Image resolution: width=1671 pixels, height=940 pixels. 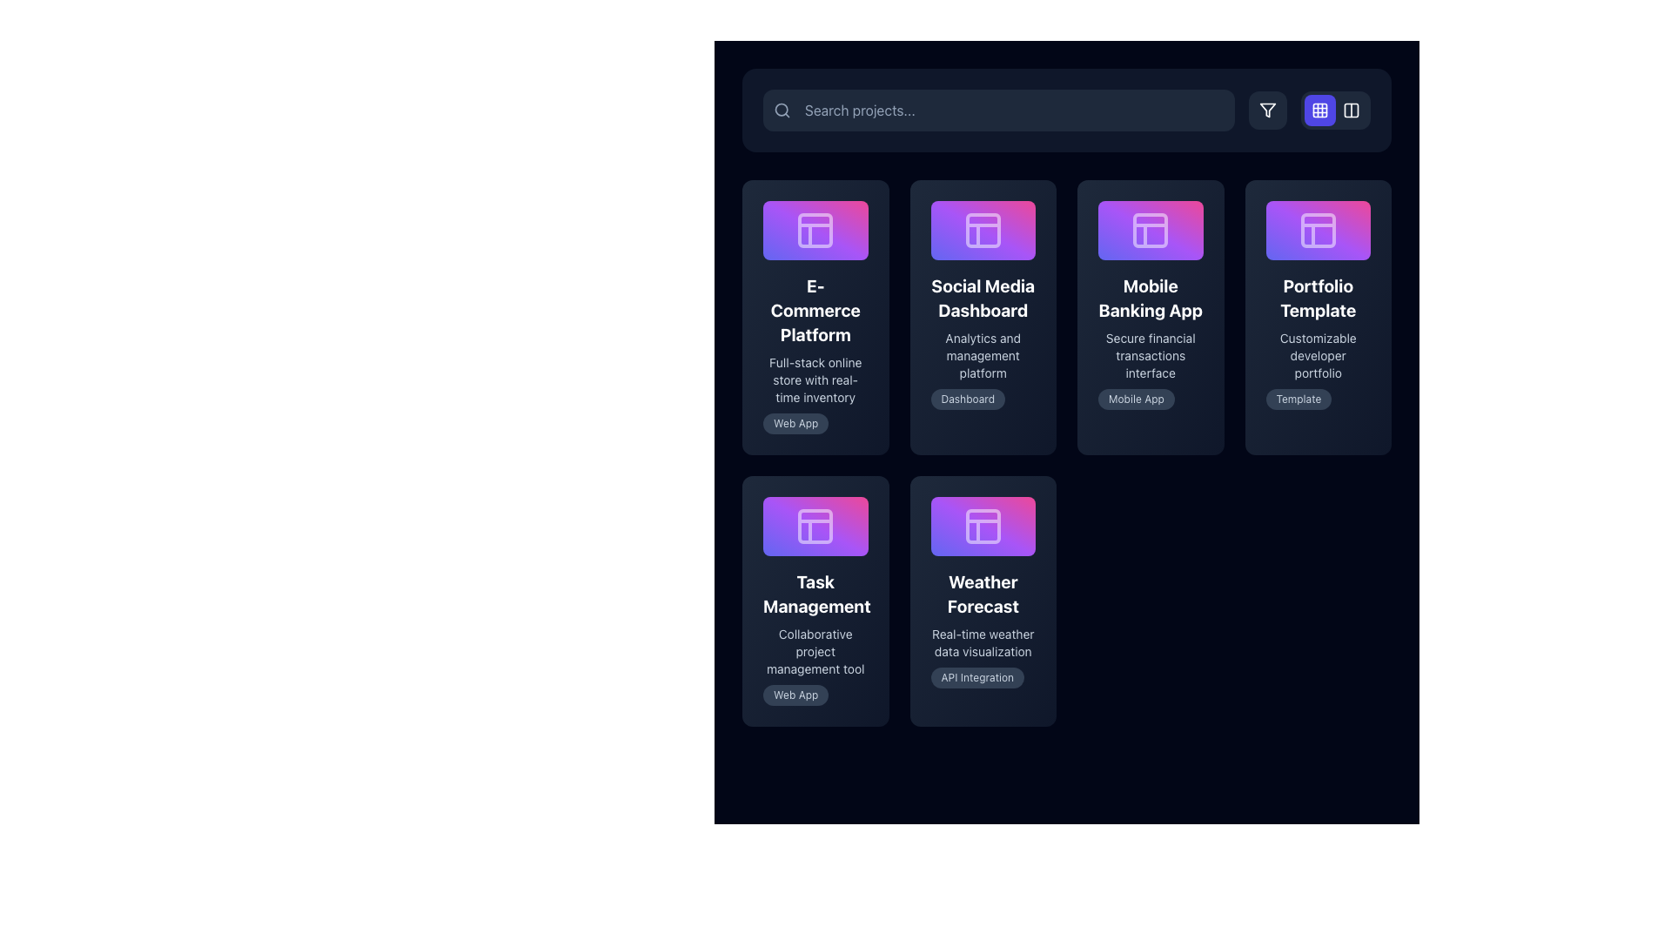 What do you see at coordinates (815, 637) in the screenshot?
I see `the Structured text block containing the text 'Task Management' with a badge 'Web App' in the bottom-left of the grid layout` at bounding box center [815, 637].